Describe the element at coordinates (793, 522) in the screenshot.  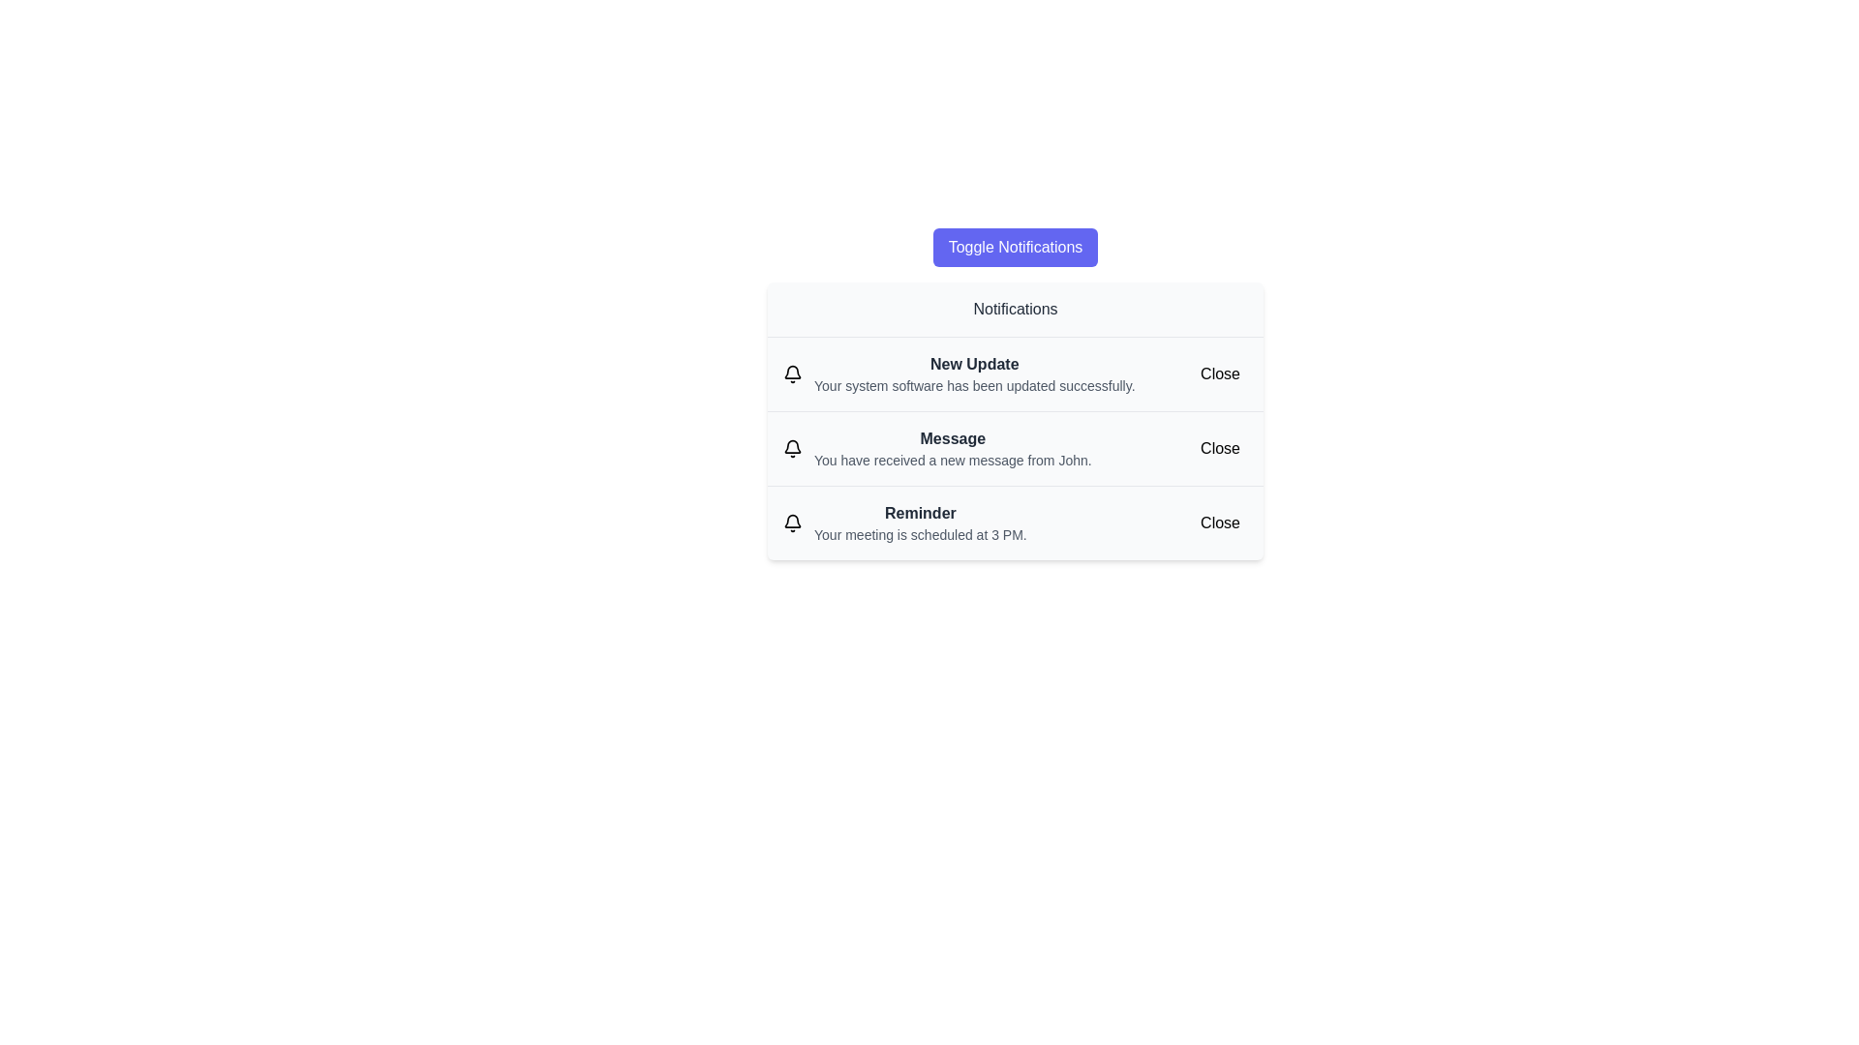
I see `the notification bell icon located to the left of the 'Reminder' text in the notification entry` at that location.